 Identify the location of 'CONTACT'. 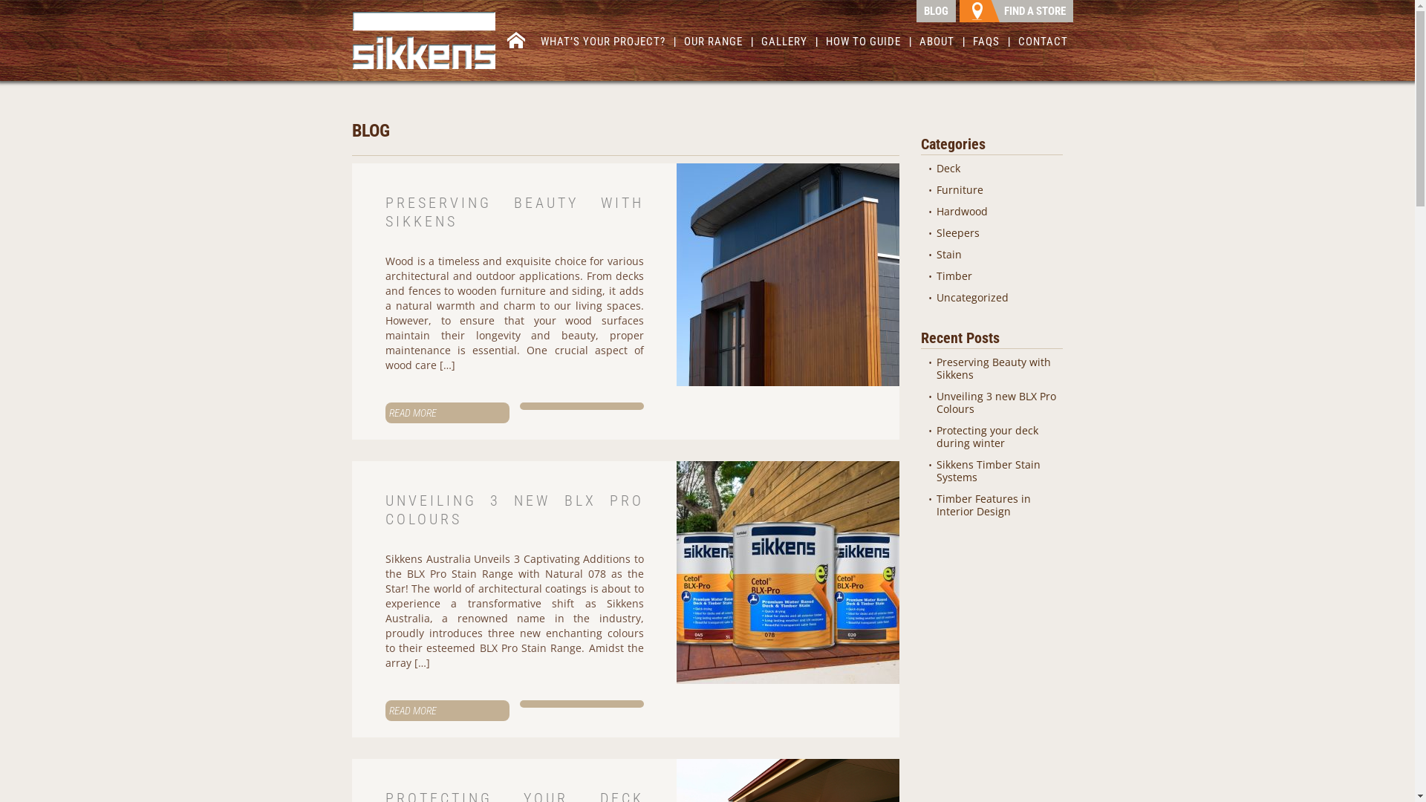
(1015, 45).